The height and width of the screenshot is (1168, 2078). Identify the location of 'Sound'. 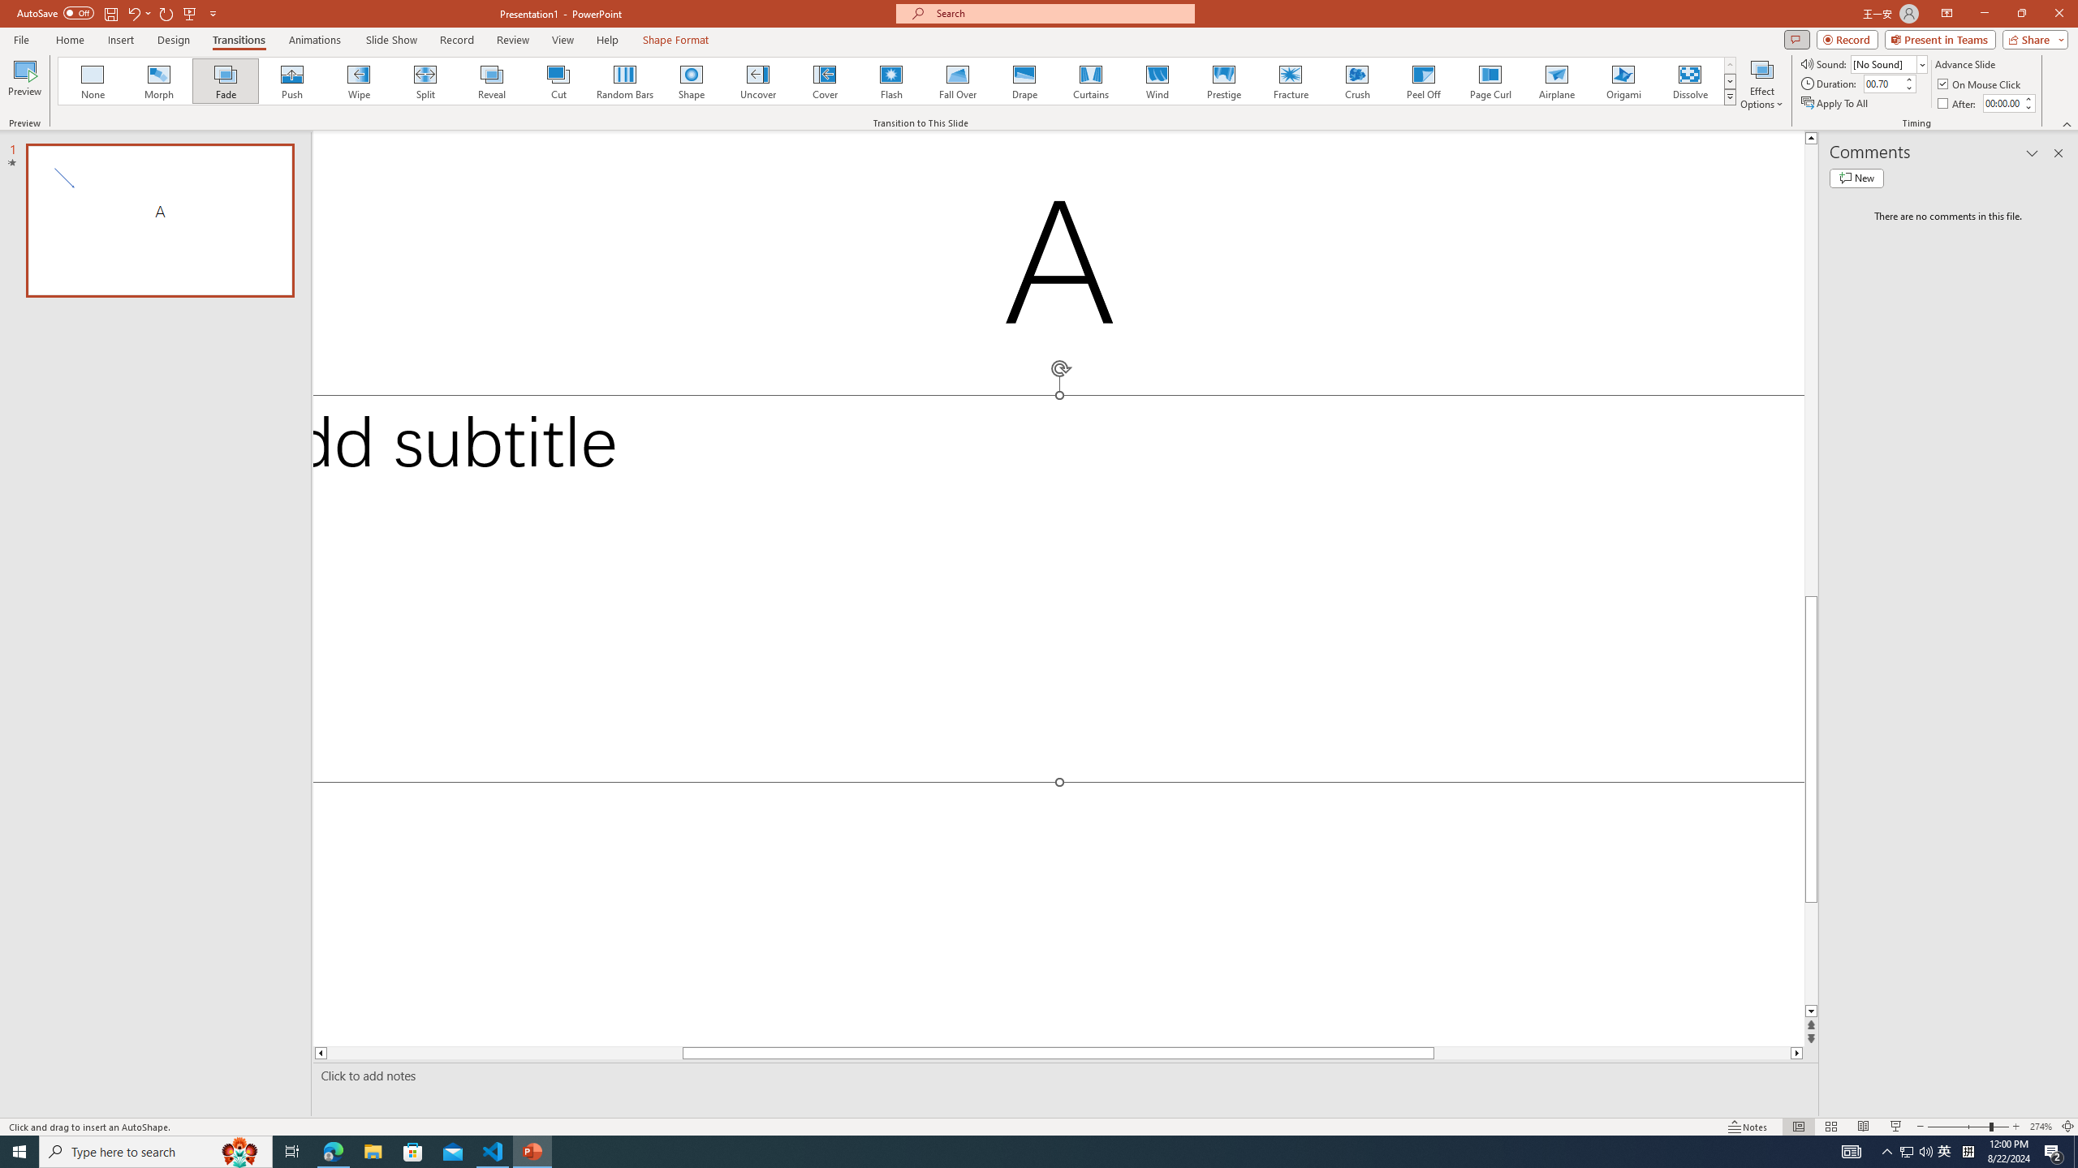
(1889, 63).